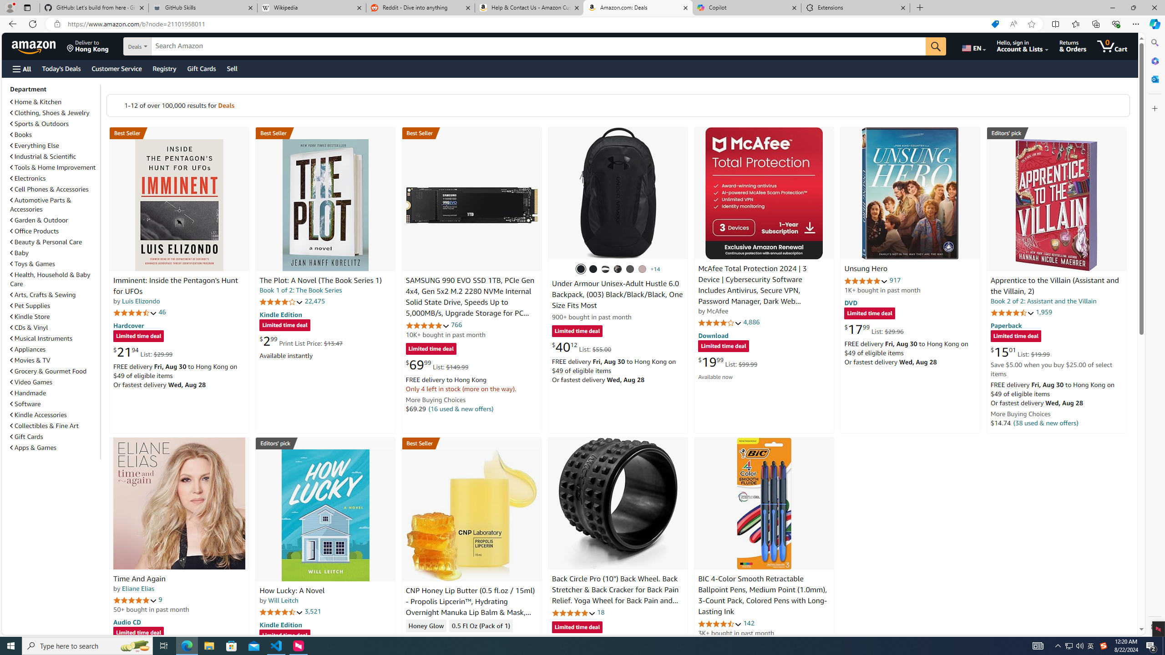 This screenshot has width=1165, height=655. Describe the element at coordinates (116, 68) in the screenshot. I see `'Customer Service'` at that location.